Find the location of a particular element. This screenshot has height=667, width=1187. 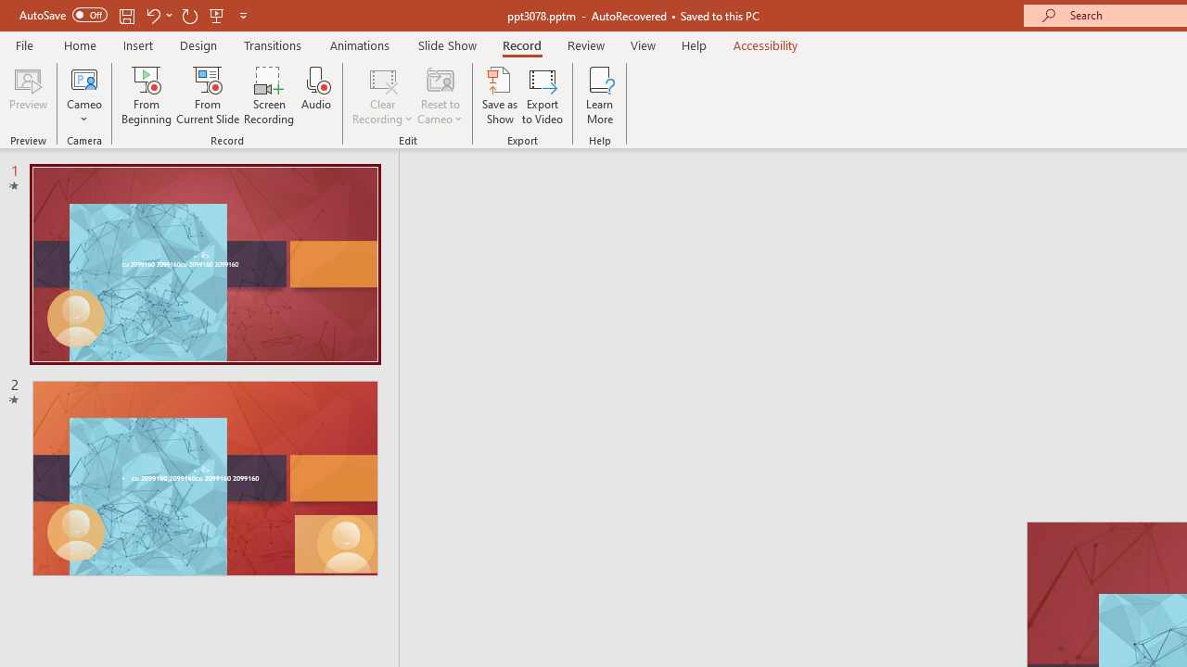

'Save as Show' is located at coordinates (500, 95).